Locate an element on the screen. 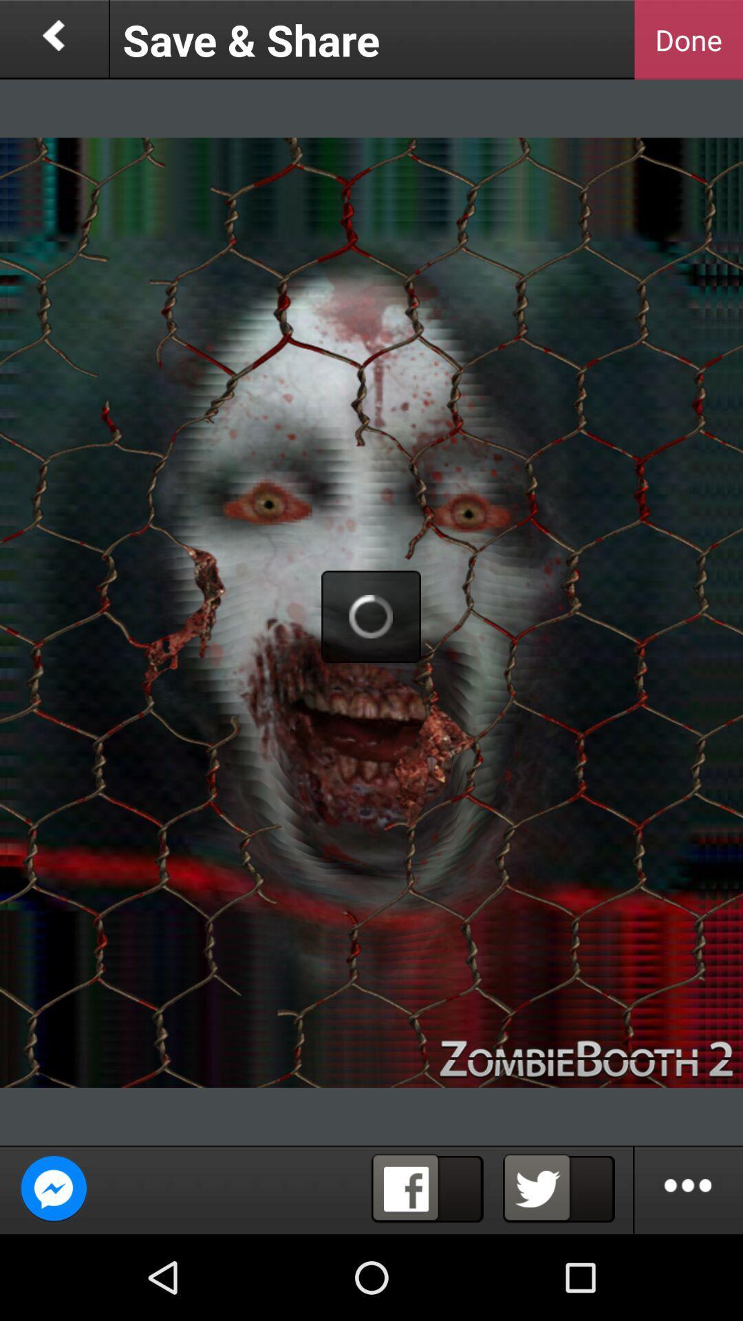  the facebook page is located at coordinates (427, 1188).